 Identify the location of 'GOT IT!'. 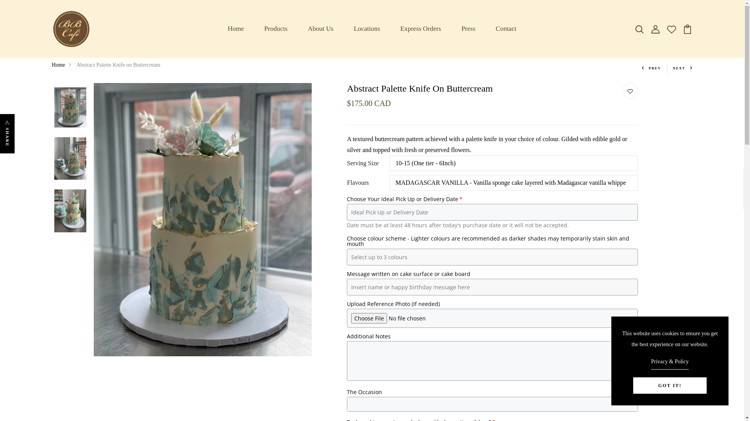
(669, 385).